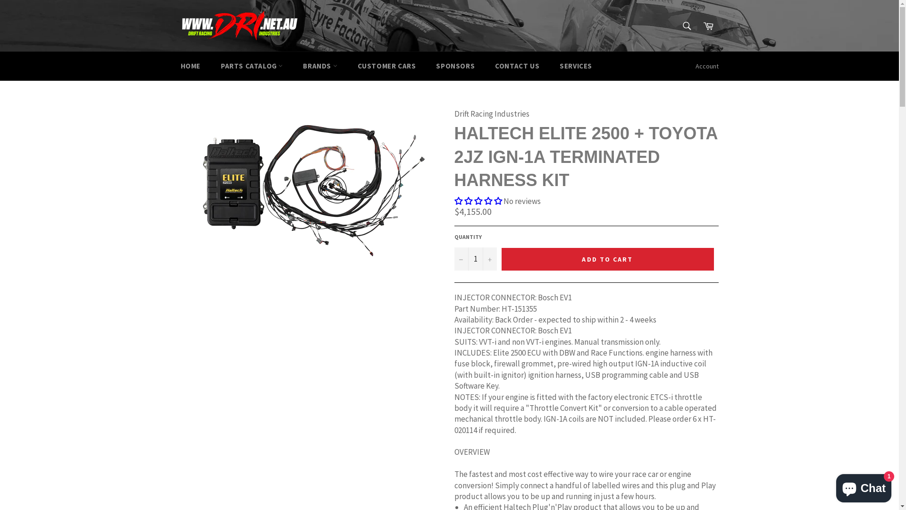  I want to click on 'Shopify online store chat', so click(864, 486).